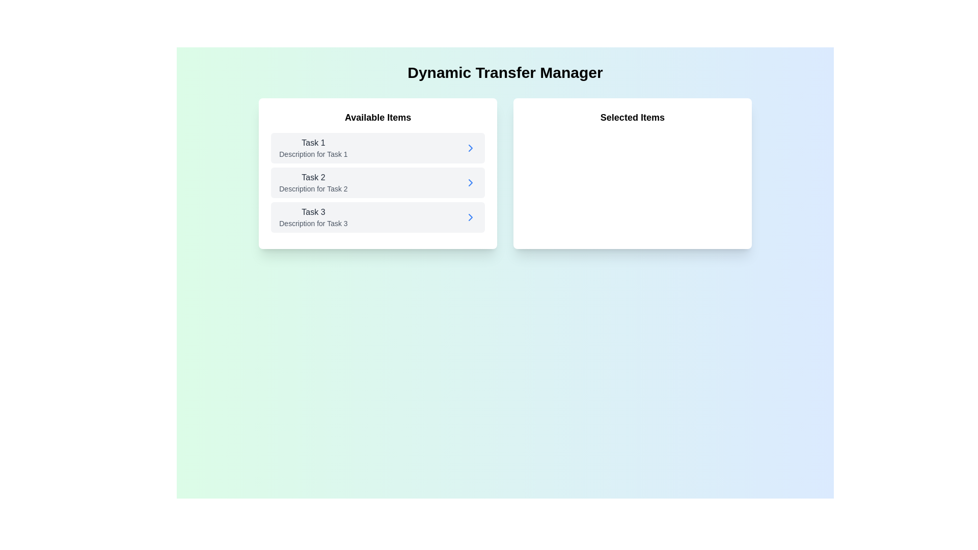 This screenshot has width=978, height=550. I want to click on the text label displaying 'Task 3' which is styled with a medium-weight dark gray font against a light gray background, located in the 'Available Items' column, so click(313, 211).